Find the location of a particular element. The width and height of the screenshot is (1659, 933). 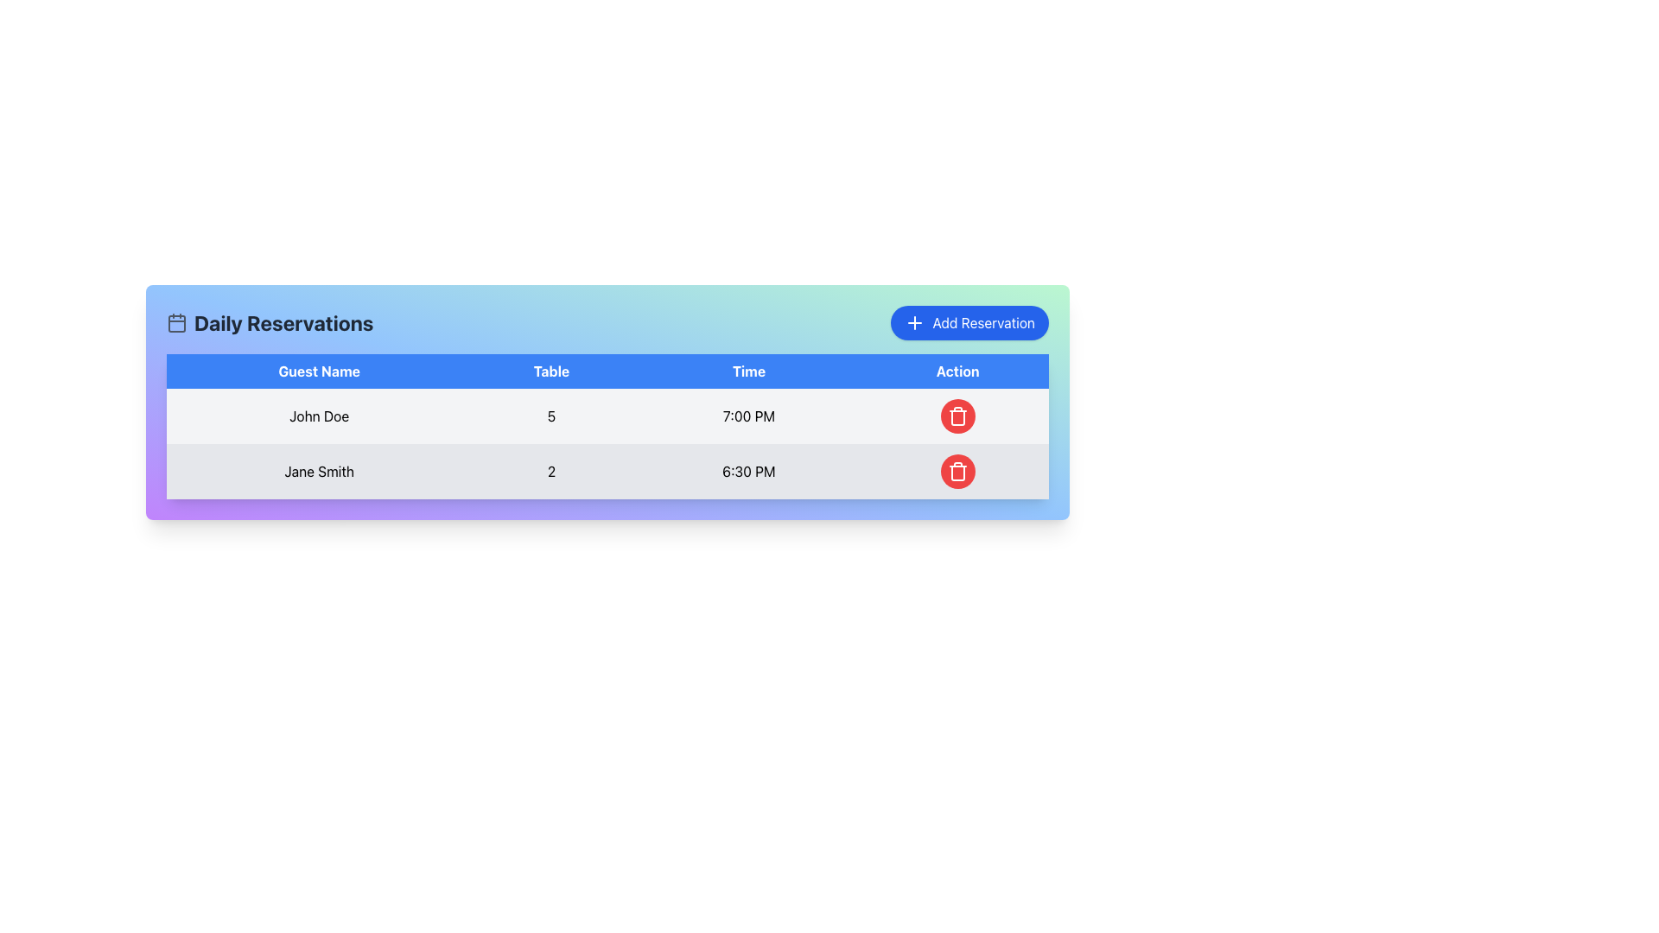

the first row in the reservations table displaying 'John Doe', table number '5', and reservation time '7:00 PM' is located at coordinates (607, 416).